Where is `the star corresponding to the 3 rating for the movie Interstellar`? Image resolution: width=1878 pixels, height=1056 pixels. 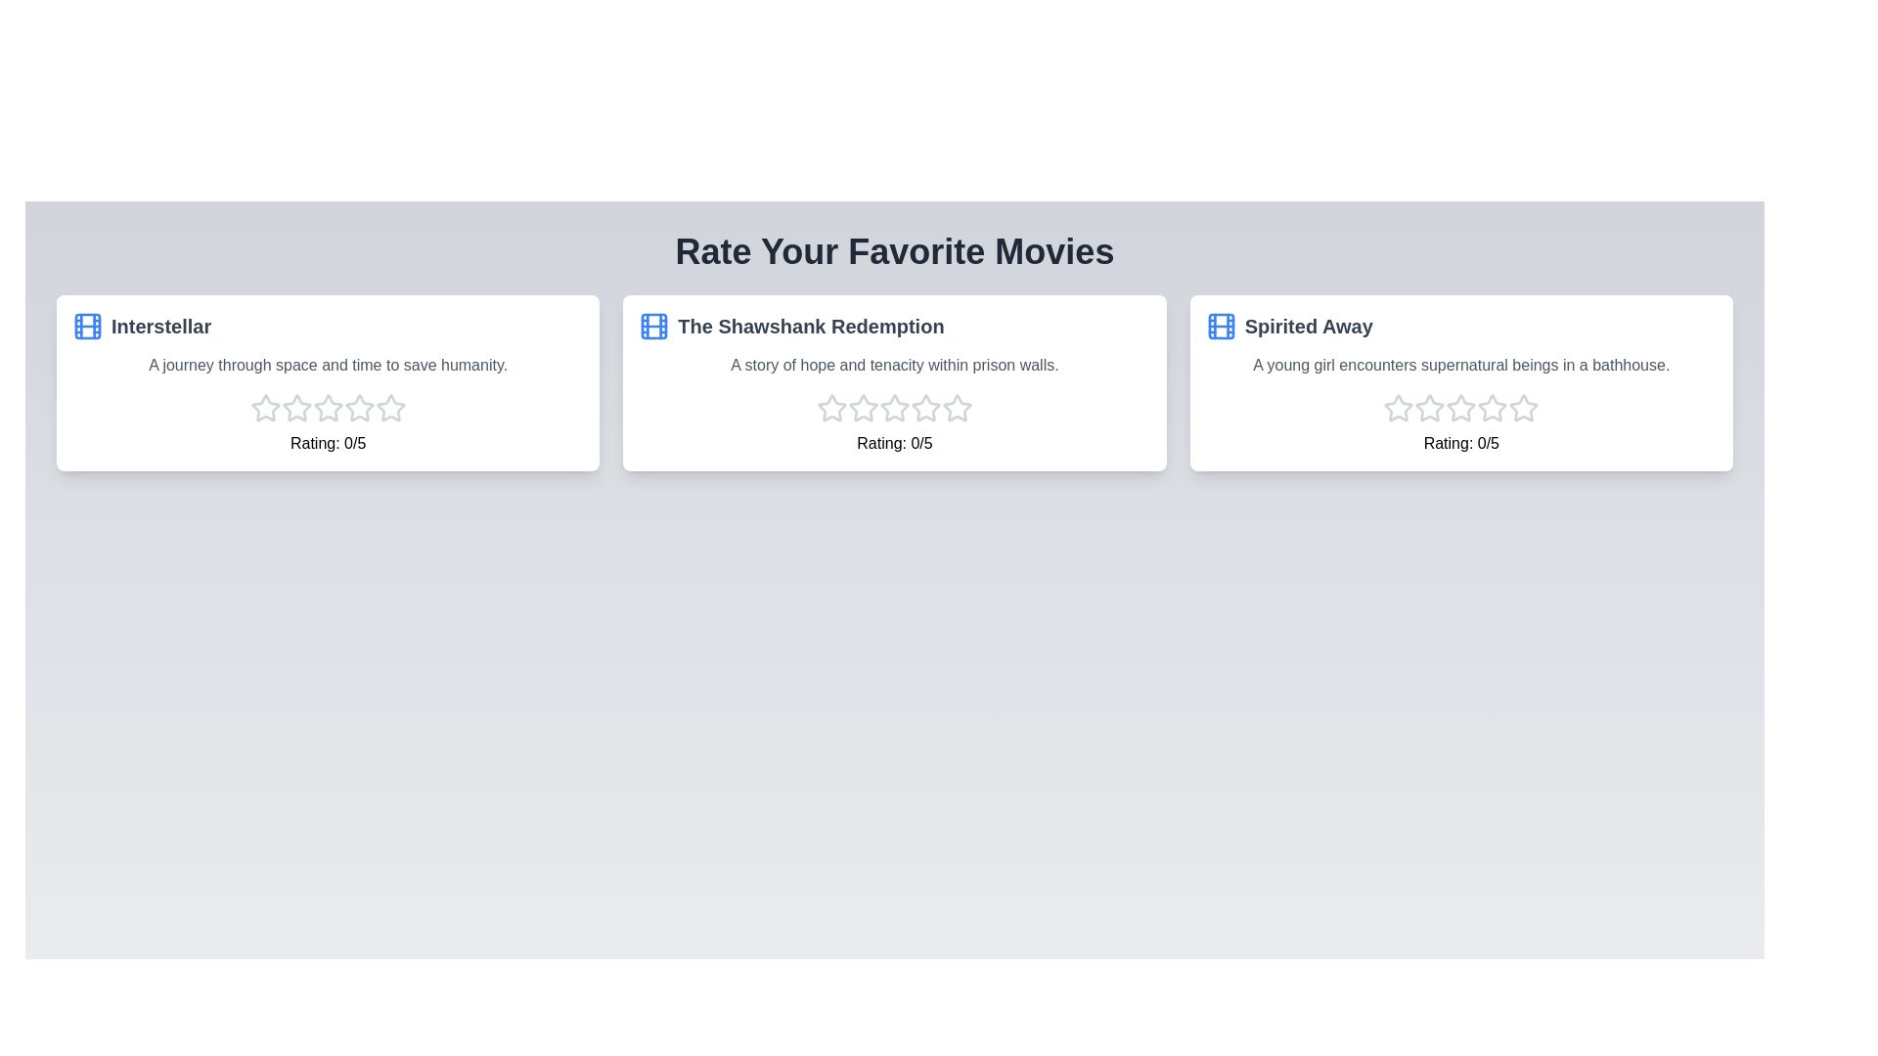 the star corresponding to the 3 rating for the movie Interstellar is located at coordinates (328, 407).